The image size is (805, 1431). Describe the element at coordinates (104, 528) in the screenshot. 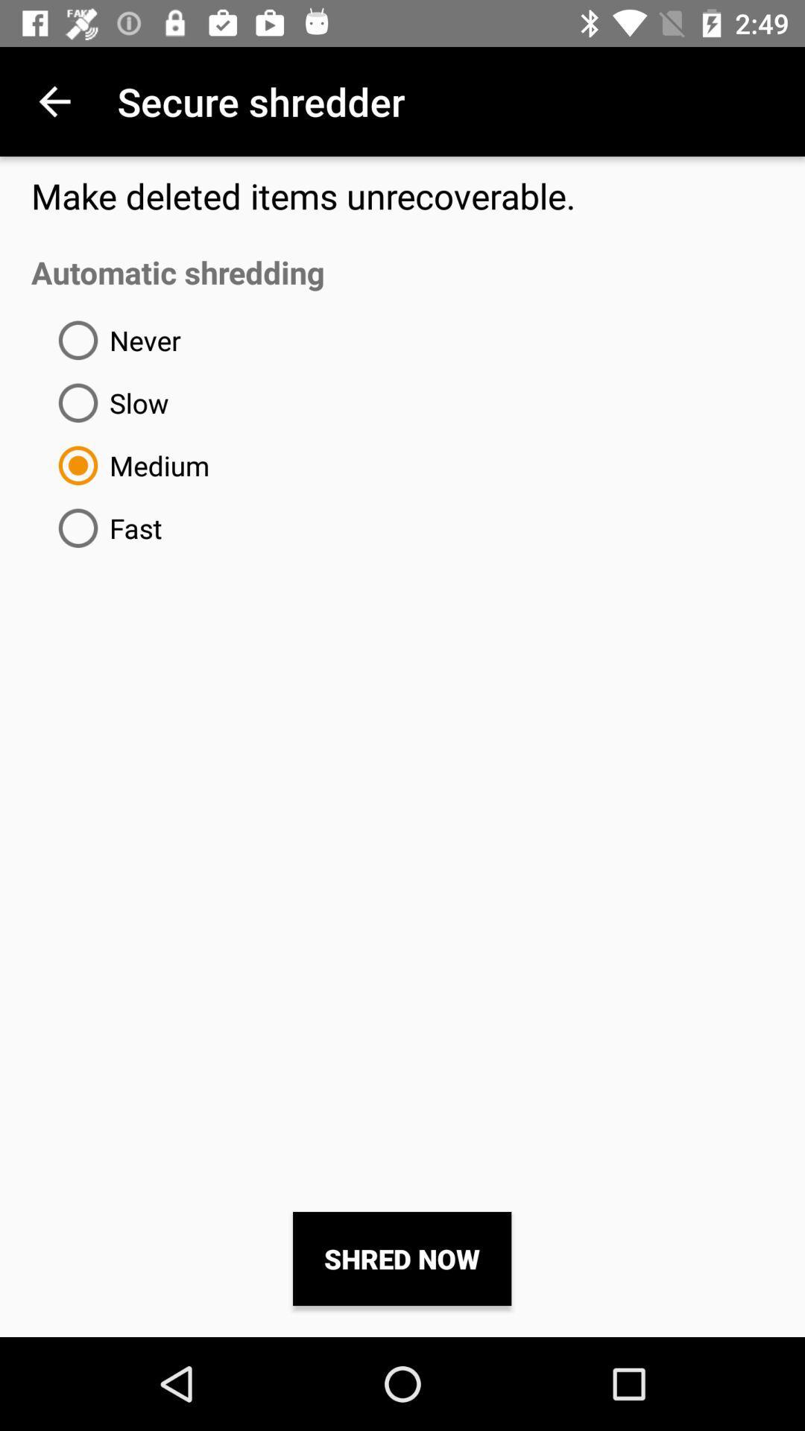

I see `the item below medium icon` at that location.